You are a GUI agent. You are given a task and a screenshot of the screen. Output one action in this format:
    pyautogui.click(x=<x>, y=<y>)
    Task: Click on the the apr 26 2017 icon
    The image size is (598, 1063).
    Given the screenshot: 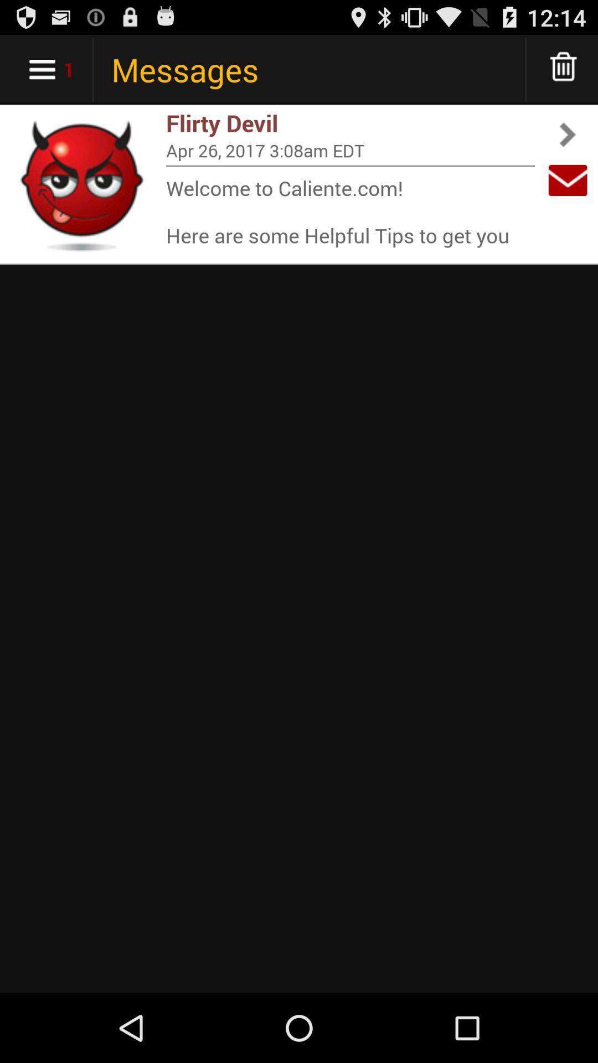 What is the action you would take?
    pyautogui.click(x=350, y=149)
    